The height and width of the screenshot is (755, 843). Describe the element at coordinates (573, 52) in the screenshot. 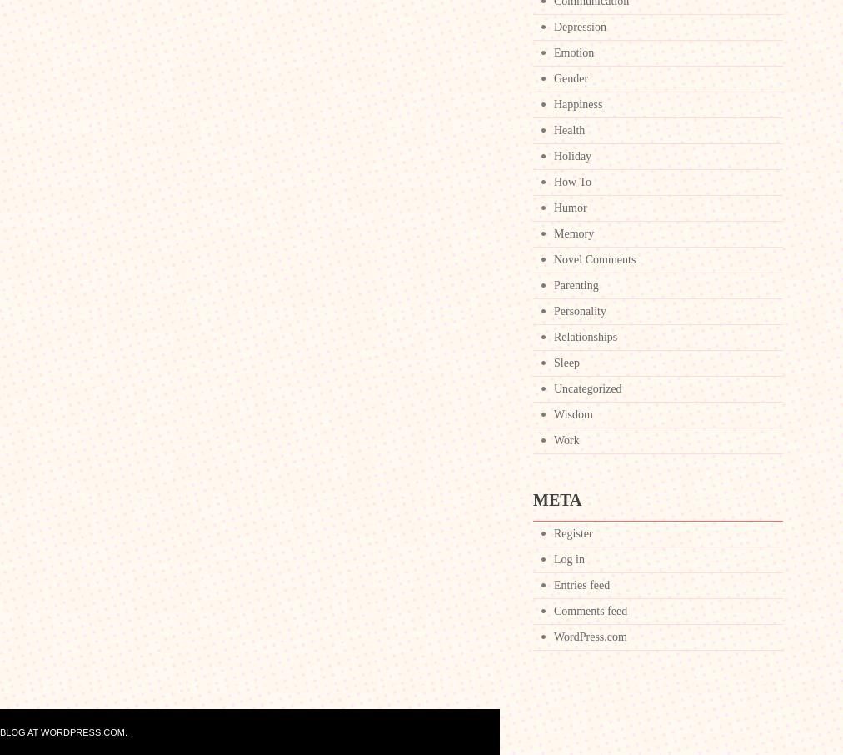

I see `'Emotion'` at that location.